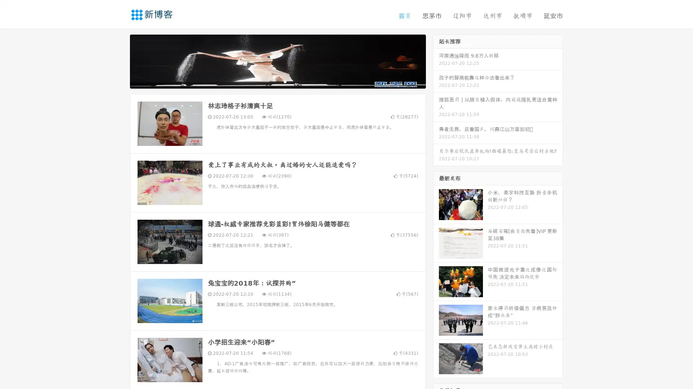 The width and height of the screenshot is (693, 389). What do you see at coordinates (285, 81) in the screenshot?
I see `Go to slide 3` at bounding box center [285, 81].